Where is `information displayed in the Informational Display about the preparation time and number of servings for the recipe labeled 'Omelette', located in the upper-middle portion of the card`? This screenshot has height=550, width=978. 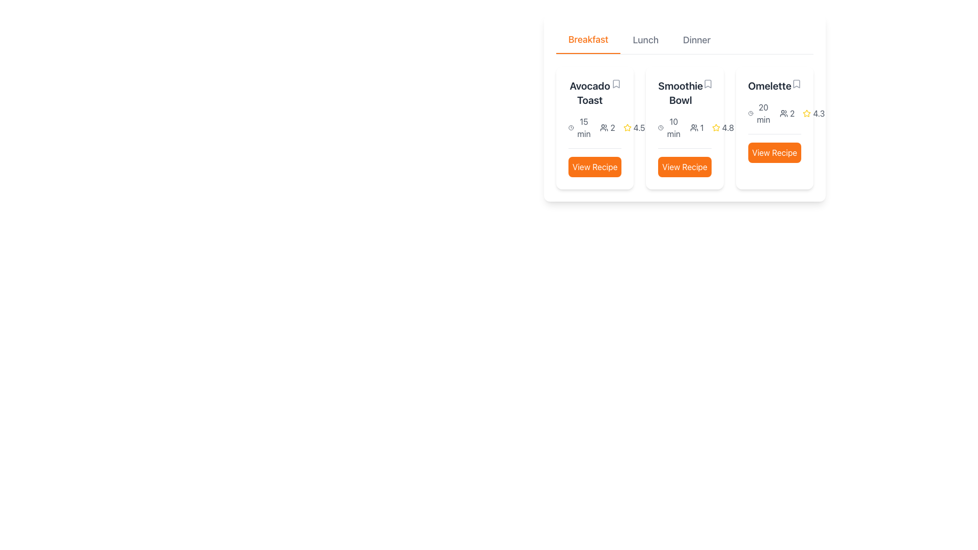 information displayed in the Informational Display about the preparation time and number of servings for the recipe labeled 'Omelette', located in the upper-middle portion of the card is located at coordinates (774, 114).